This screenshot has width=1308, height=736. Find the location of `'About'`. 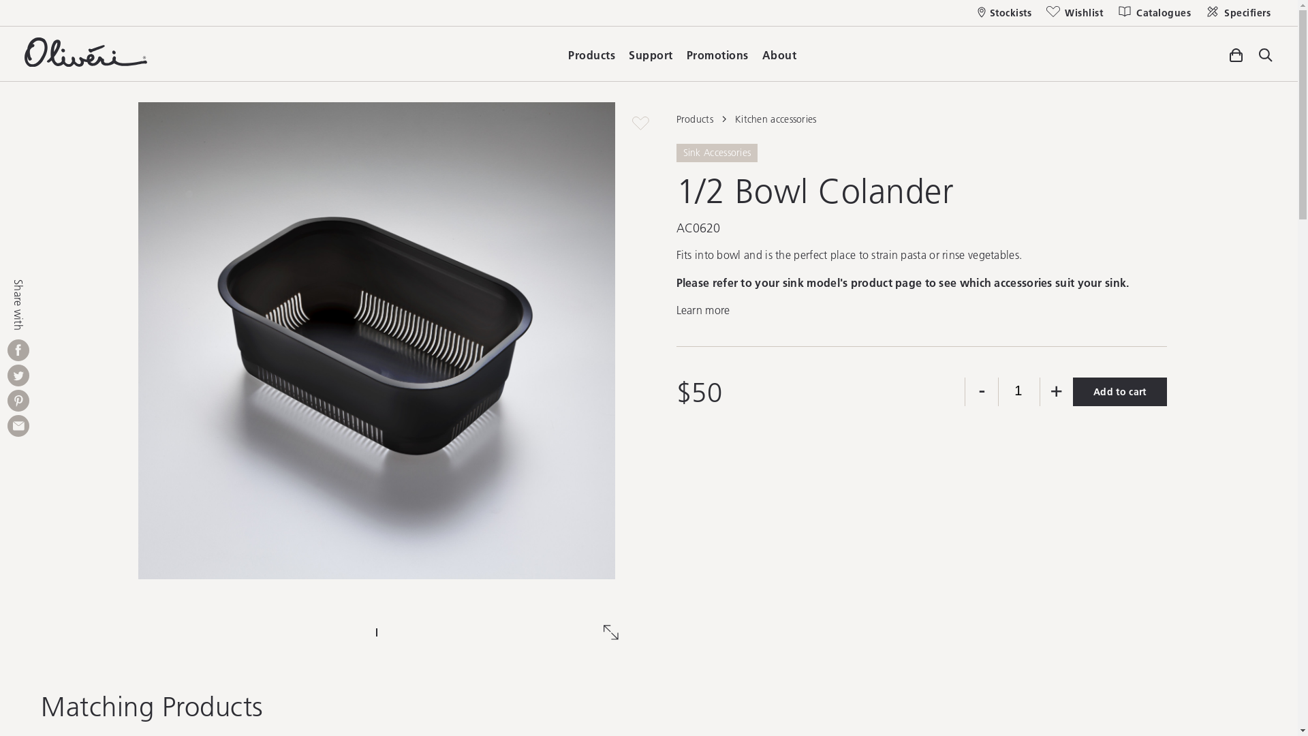

'About' is located at coordinates (779, 51).